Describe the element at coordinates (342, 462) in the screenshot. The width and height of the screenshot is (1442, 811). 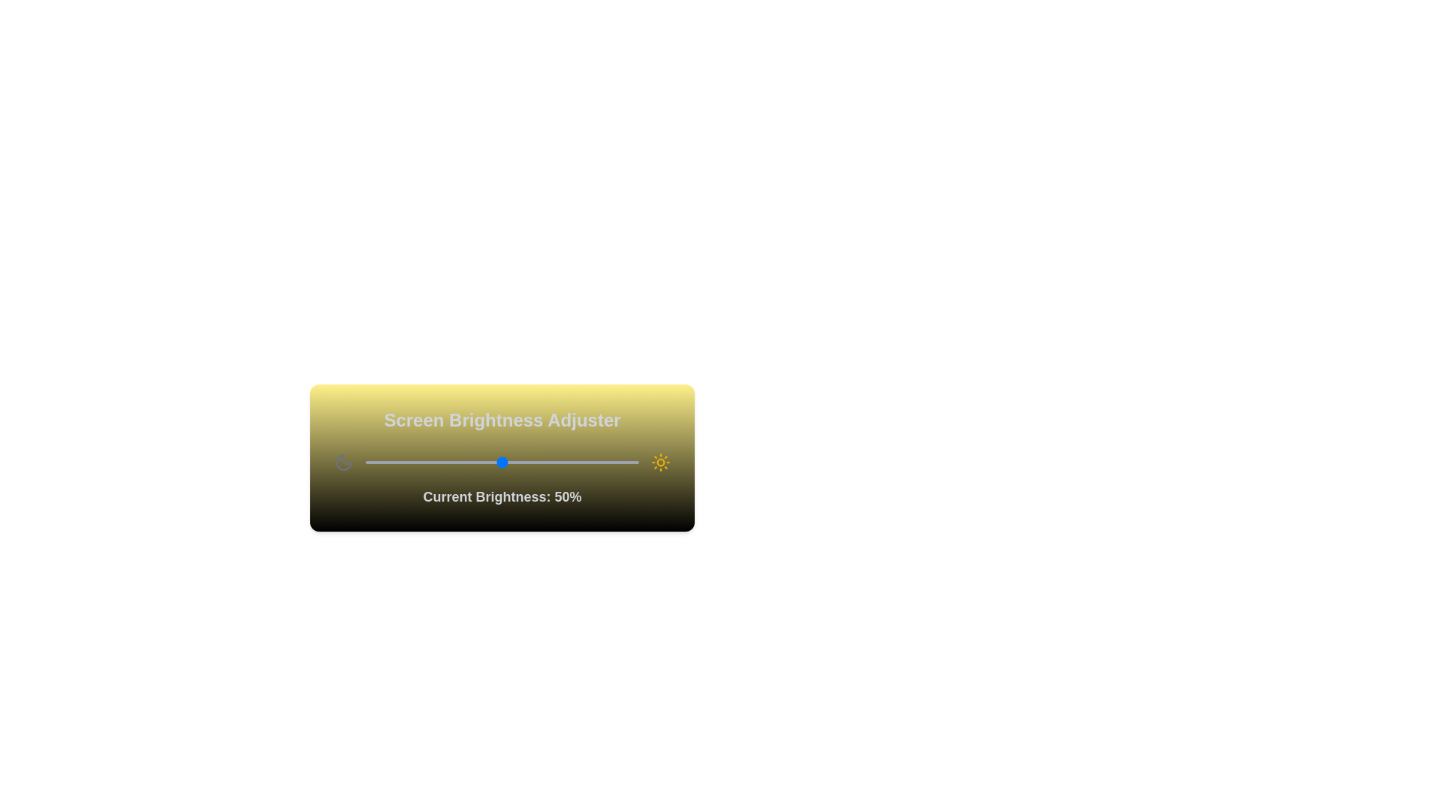
I see `the 'Moon' icon to toggle the brightness mode` at that location.